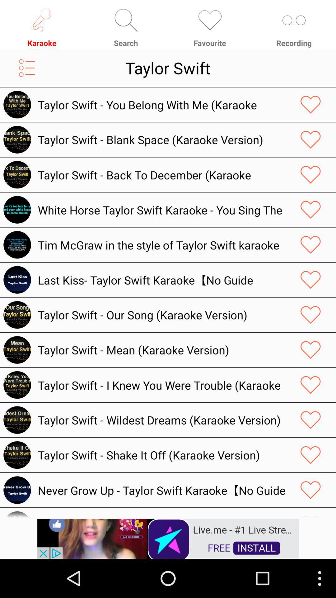 The height and width of the screenshot is (598, 336). What do you see at coordinates (310, 174) in the screenshot?
I see `heart this track` at bounding box center [310, 174].